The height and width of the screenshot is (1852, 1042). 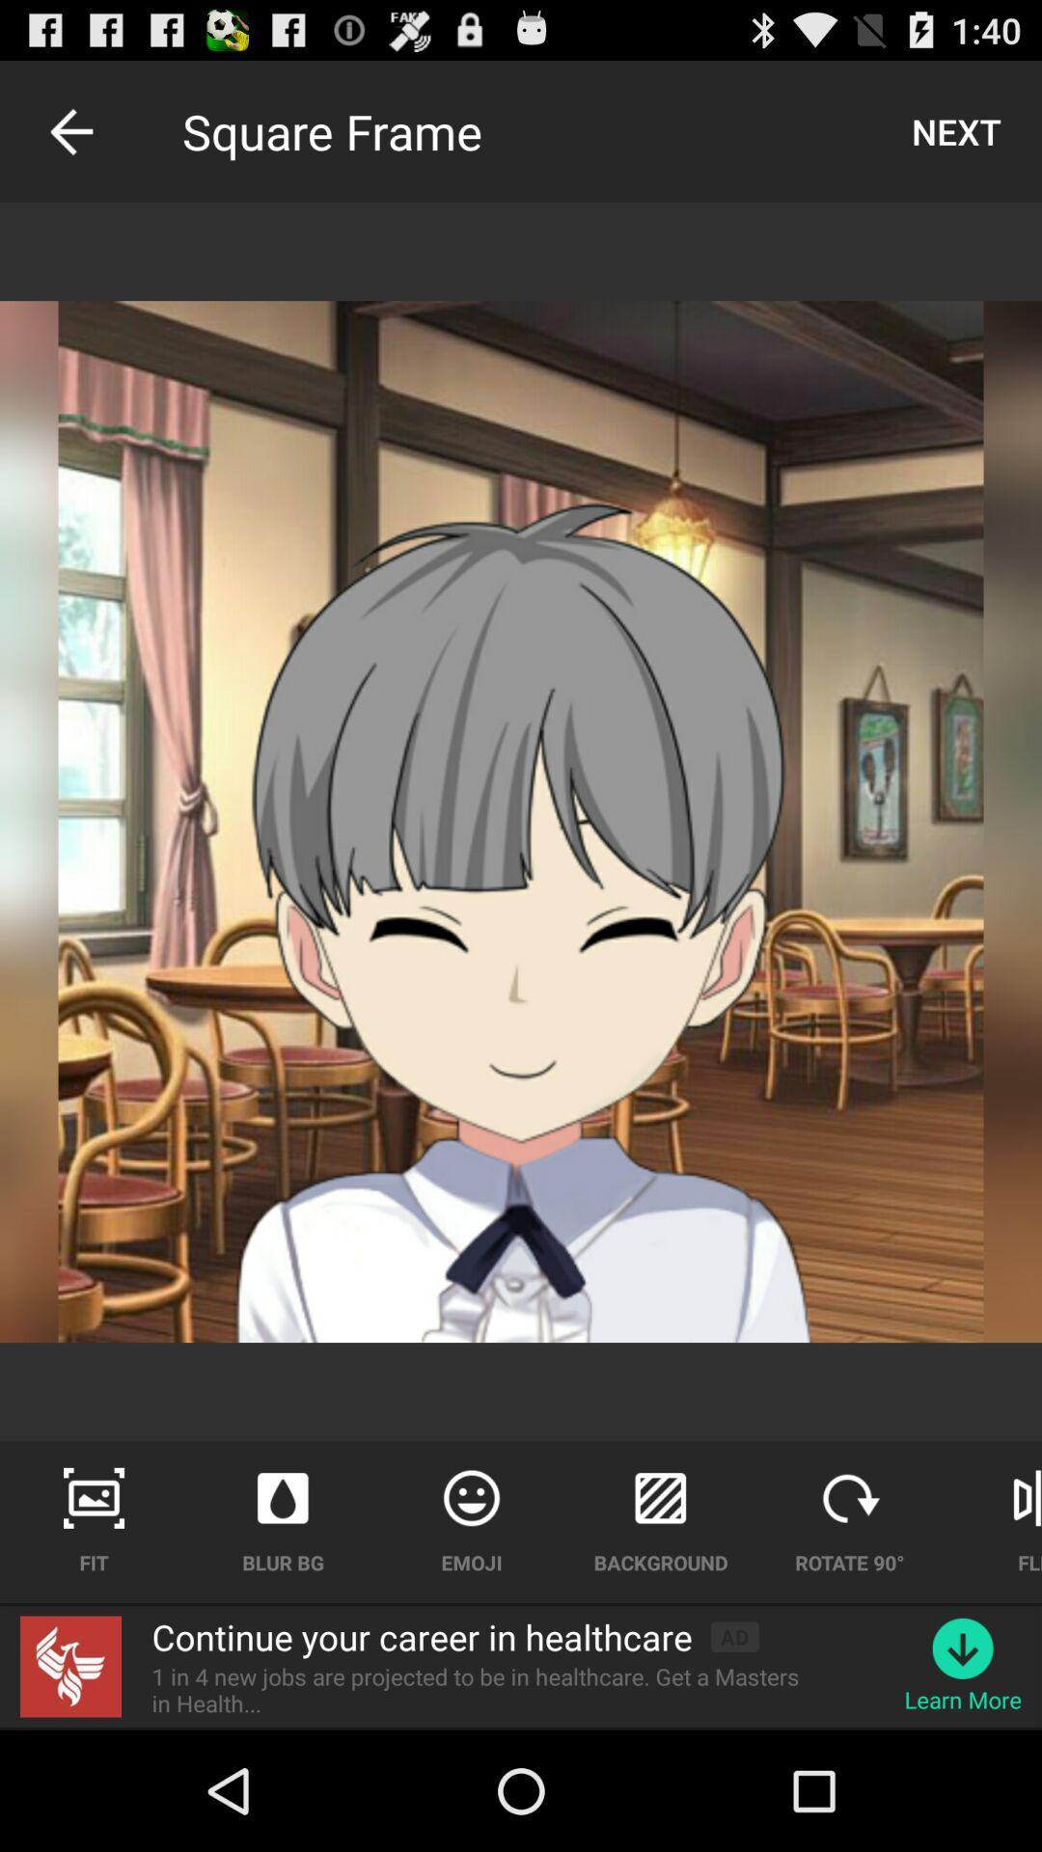 What do you see at coordinates (963, 1648) in the screenshot?
I see `the item above learn more` at bounding box center [963, 1648].